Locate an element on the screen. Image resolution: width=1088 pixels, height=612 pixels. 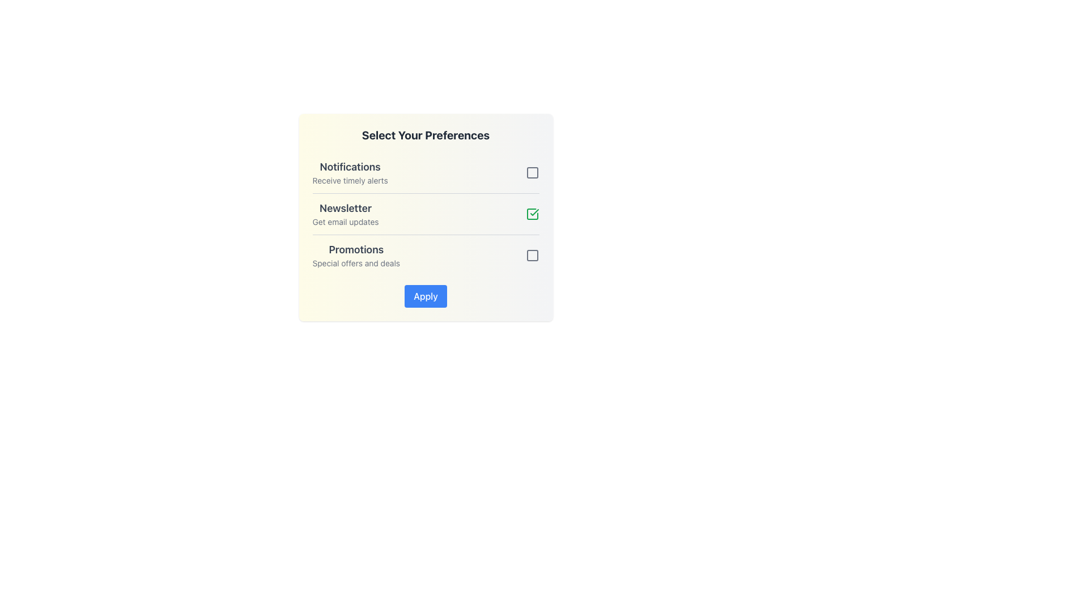
the subtitle text under the 'Promotions' heading in the 'Select Your Preferences' panel, which is aligned to the left of a checkbox is located at coordinates (355, 263).